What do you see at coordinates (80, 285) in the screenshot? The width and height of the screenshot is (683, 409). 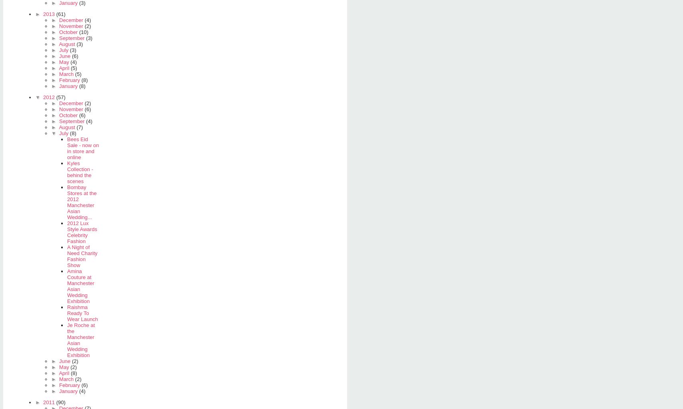 I see `'Amina Couture at Manchester Asian Wedding Exhibition'` at bounding box center [80, 285].